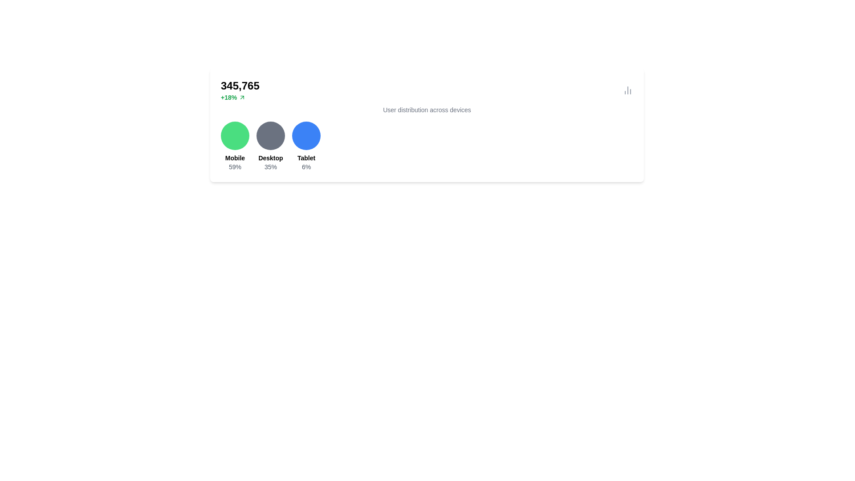 The image size is (855, 481). I want to click on the text label displaying 'Tablet' which is bold and medium-sized, located beneath a blue circular element and above '6%', so click(306, 157).